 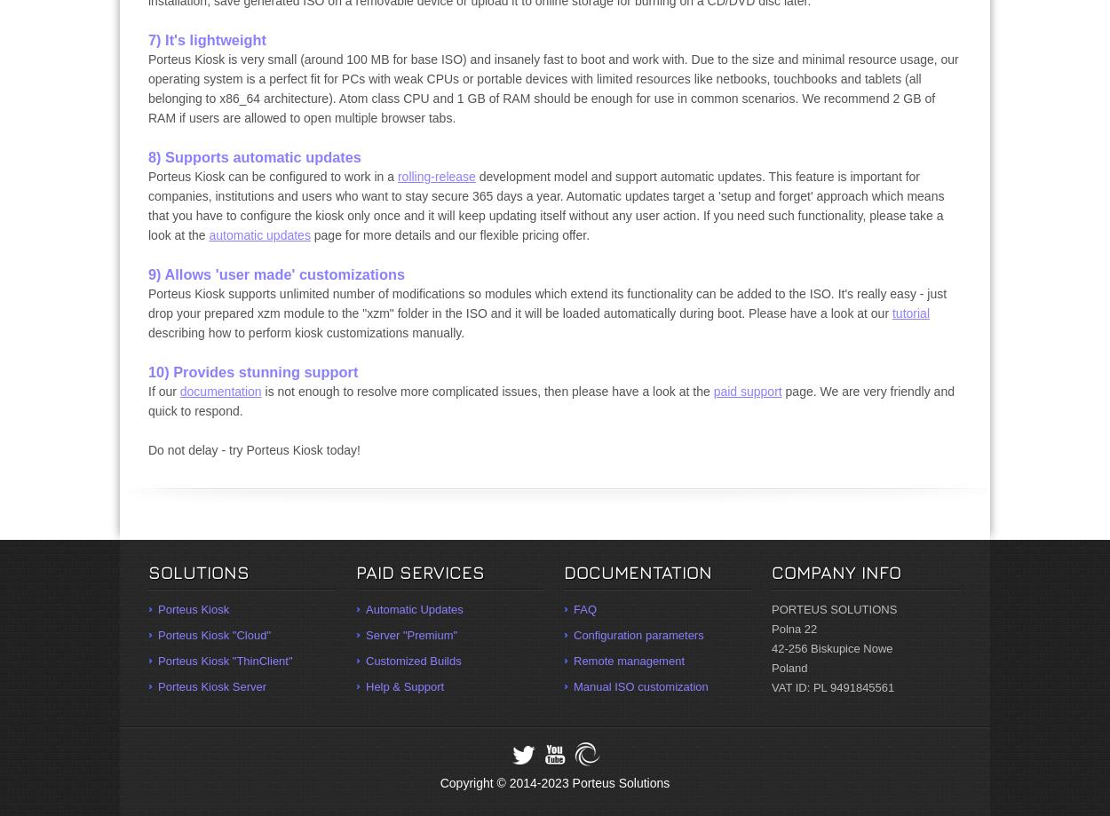 I want to click on 'Manual ISO customization', so click(x=639, y=686).